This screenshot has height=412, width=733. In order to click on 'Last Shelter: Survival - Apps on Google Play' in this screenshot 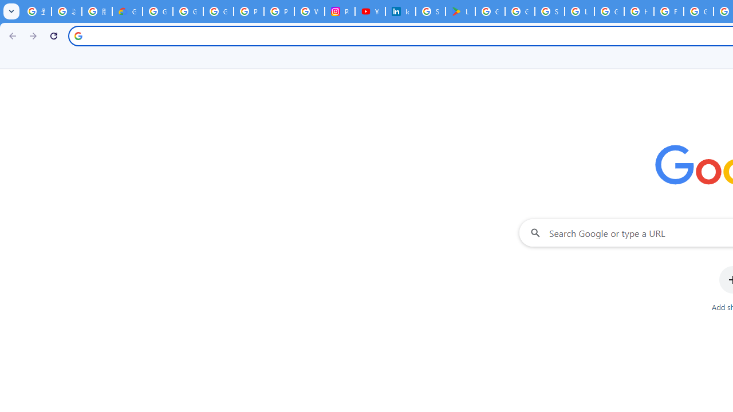, I will do `click(460, 11)`.